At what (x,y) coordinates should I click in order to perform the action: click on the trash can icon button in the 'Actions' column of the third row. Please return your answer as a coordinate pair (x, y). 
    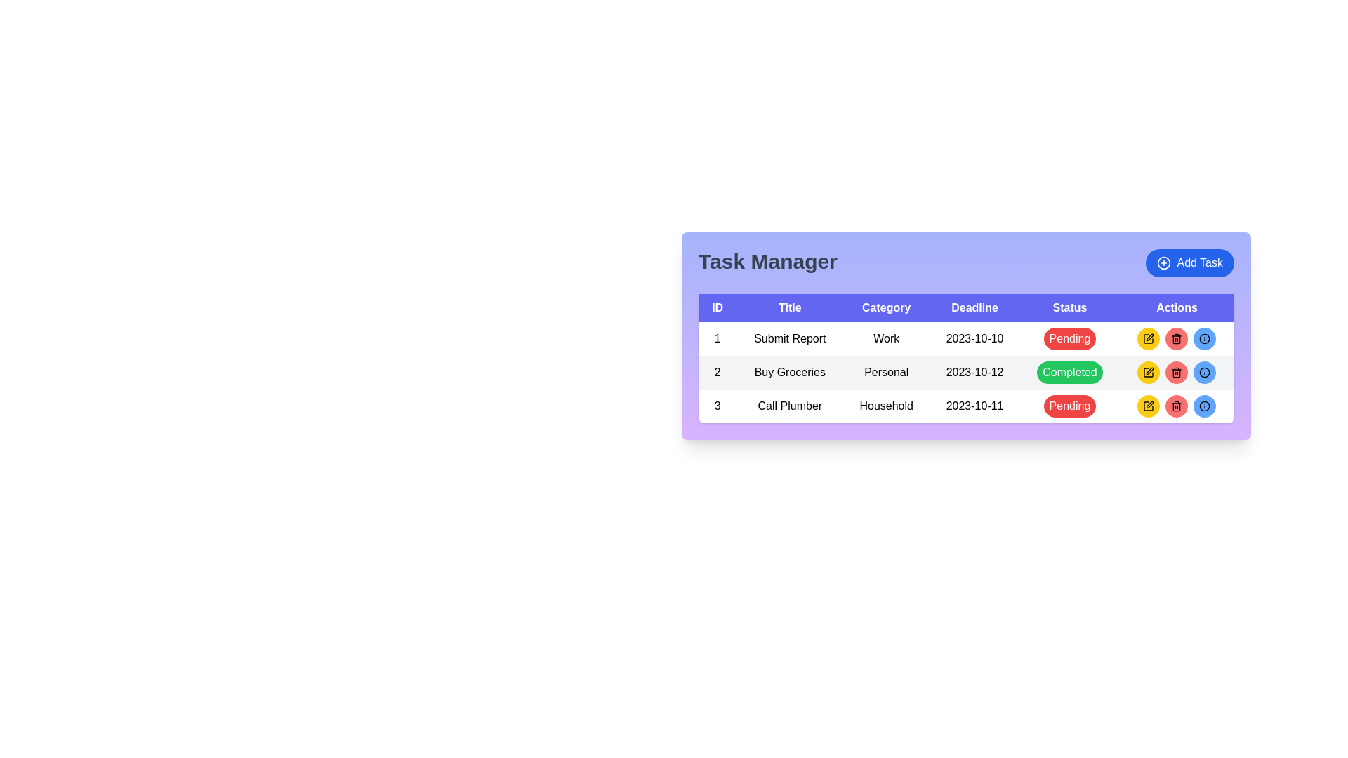
    Looking at the image, I should click on (1177, 406).